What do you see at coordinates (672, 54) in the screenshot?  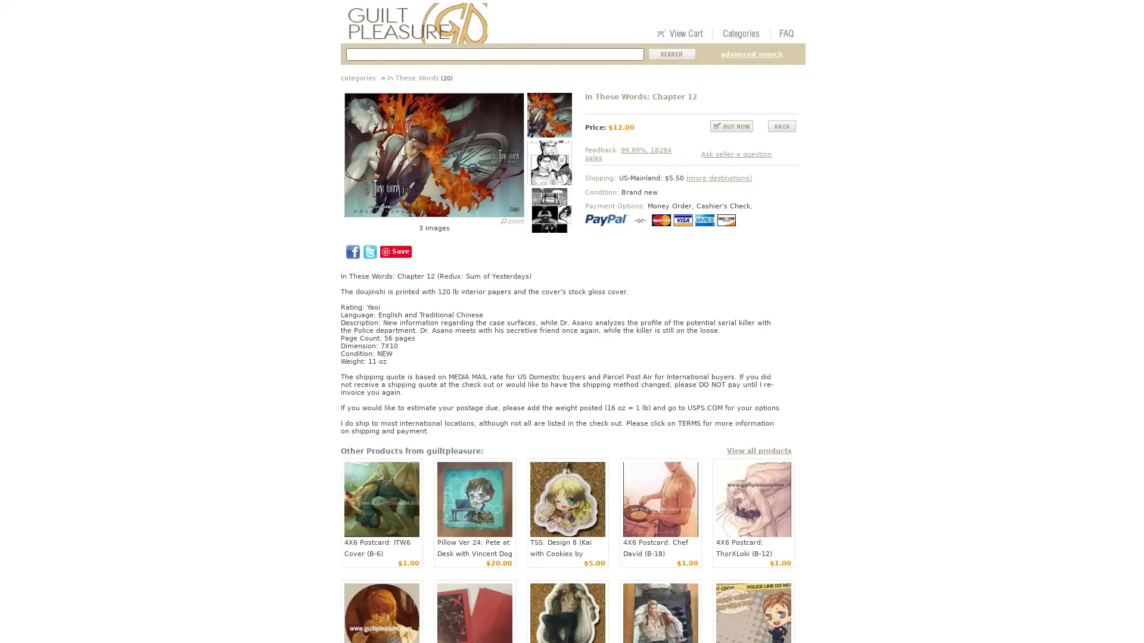 I see `Submit` at bounding box center [672, 54].